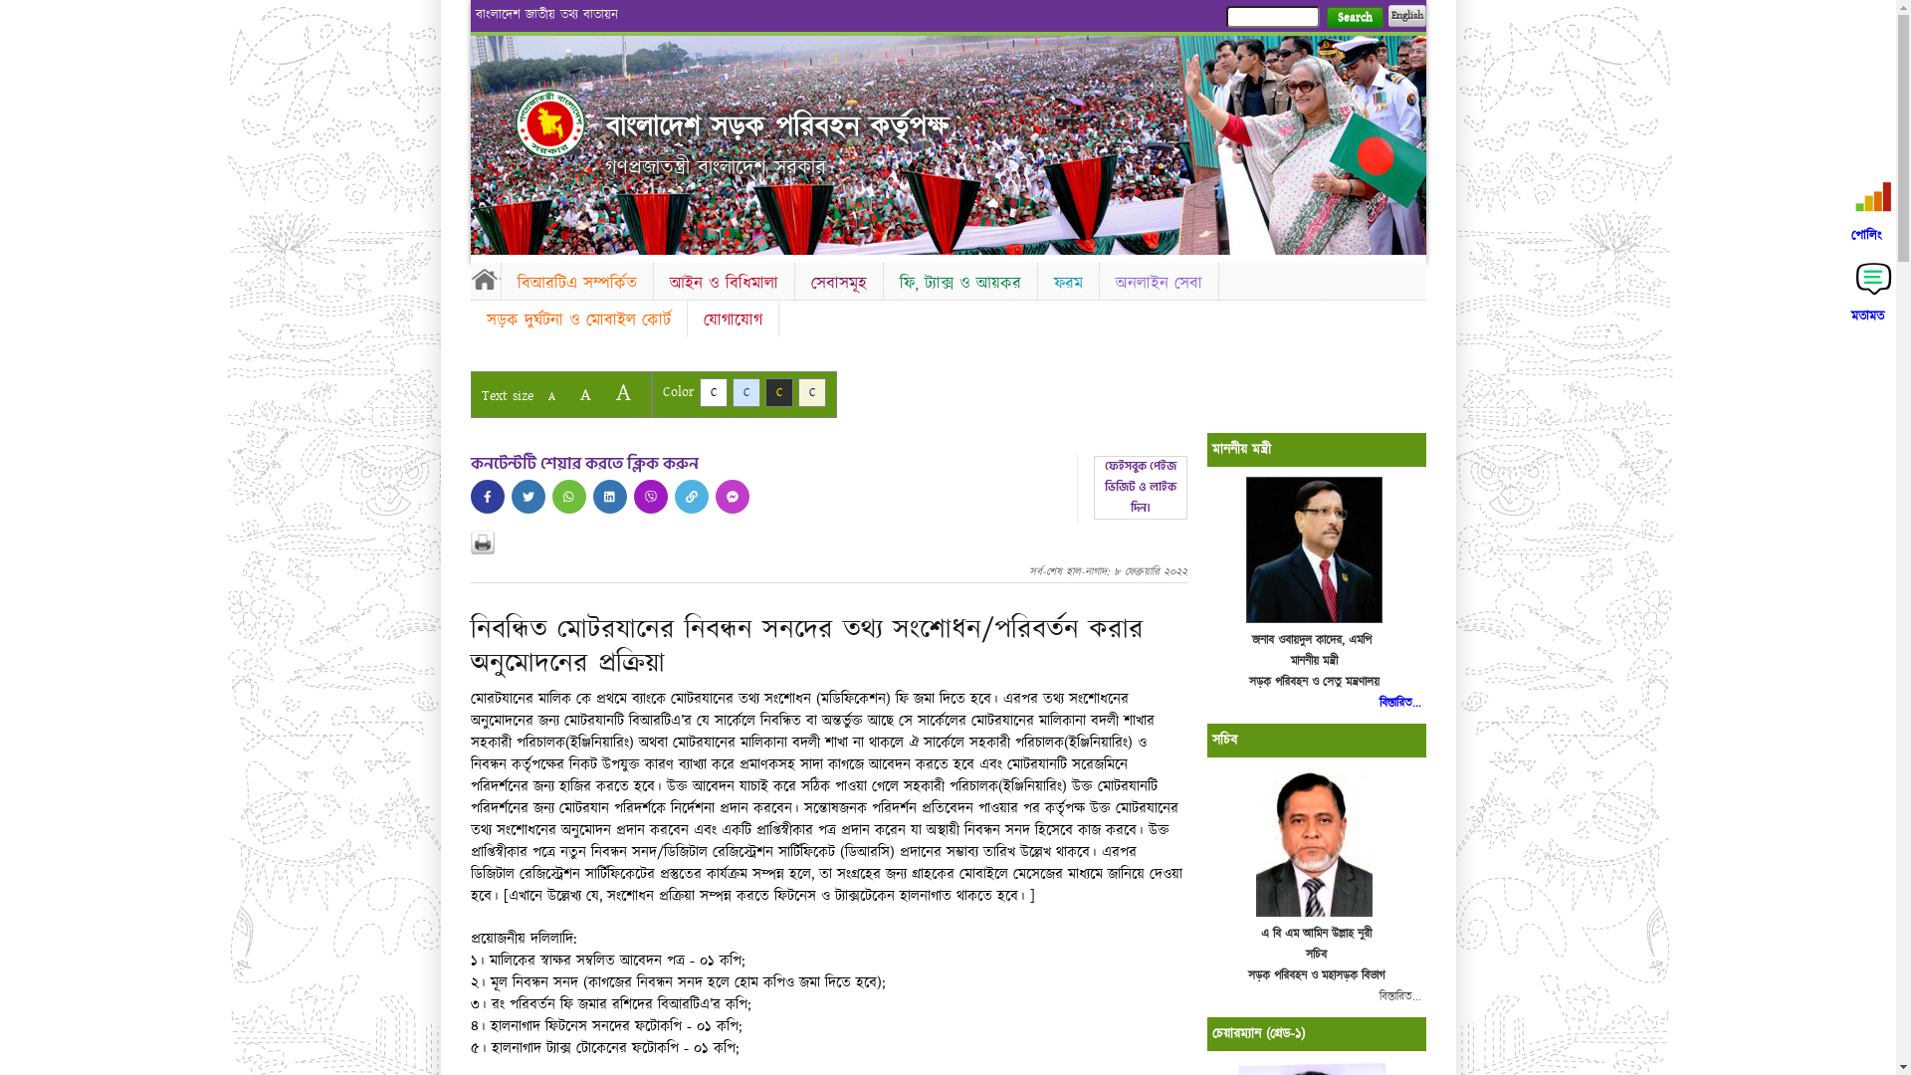 The width and height of the screenshot is (1911, 1075). I want to click on 'A', so click(550, 396).